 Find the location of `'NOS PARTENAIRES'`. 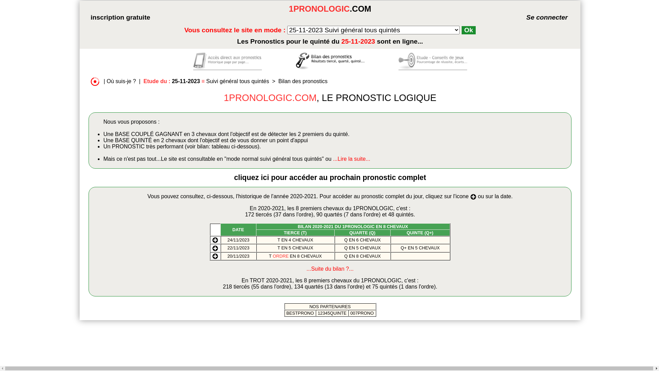

'NOS PARTENAIRES' is located at coordinates (309, 306).